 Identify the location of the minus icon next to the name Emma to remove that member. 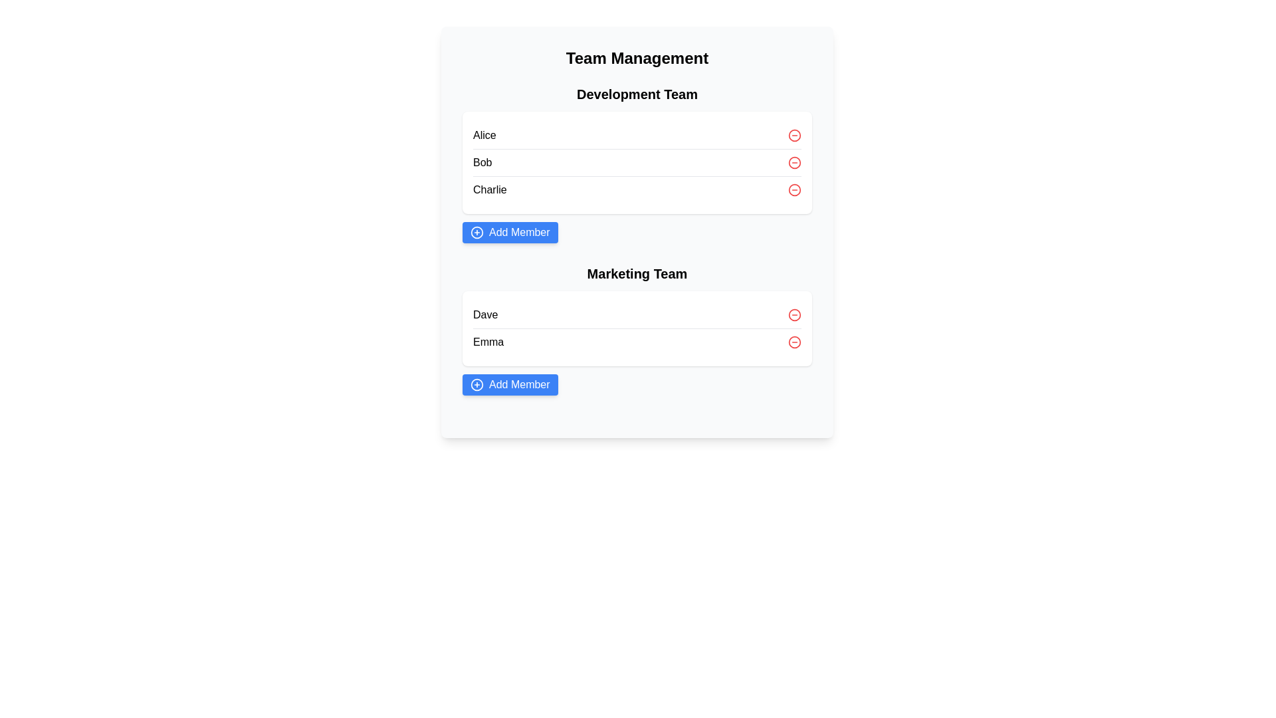
(794, 342).